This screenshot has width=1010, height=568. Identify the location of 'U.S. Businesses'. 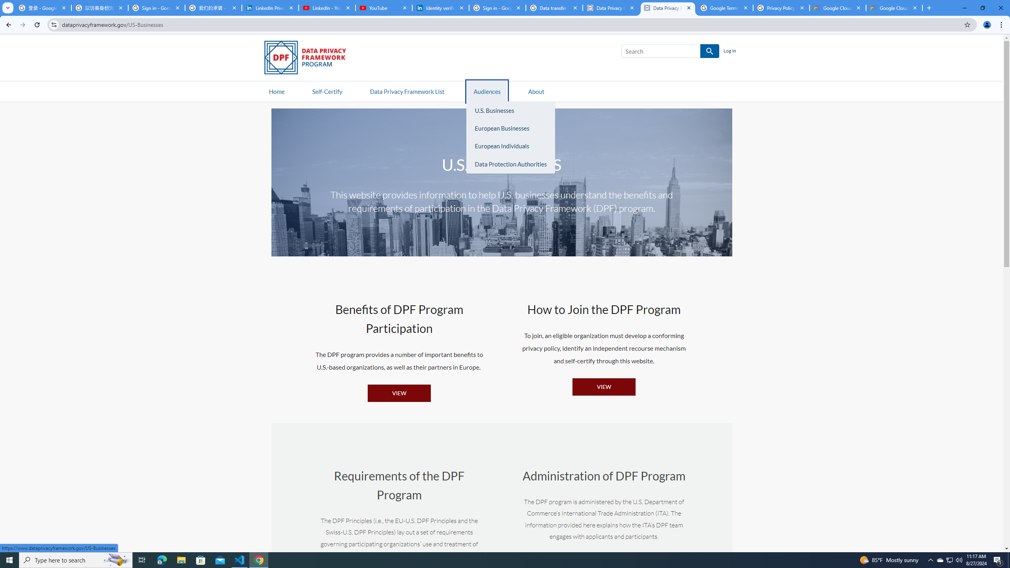
(510, 110).